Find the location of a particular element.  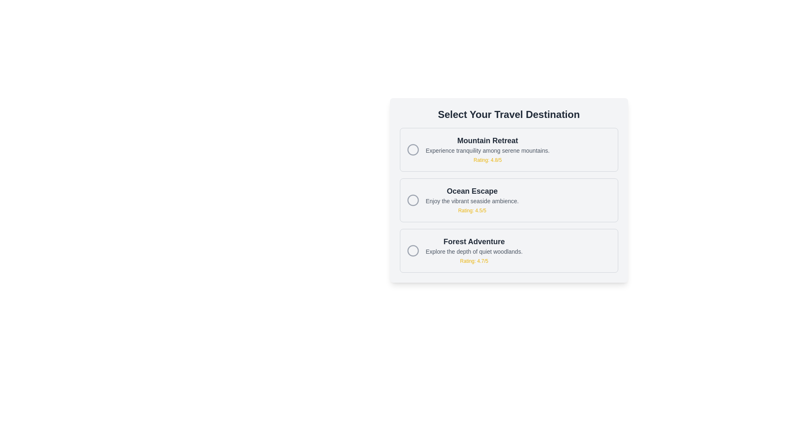

the gray circular icon located to the left of the text 'Ocean Escape' under the 'Select Your Travel Destination' section is located at coordinates (413, 200).